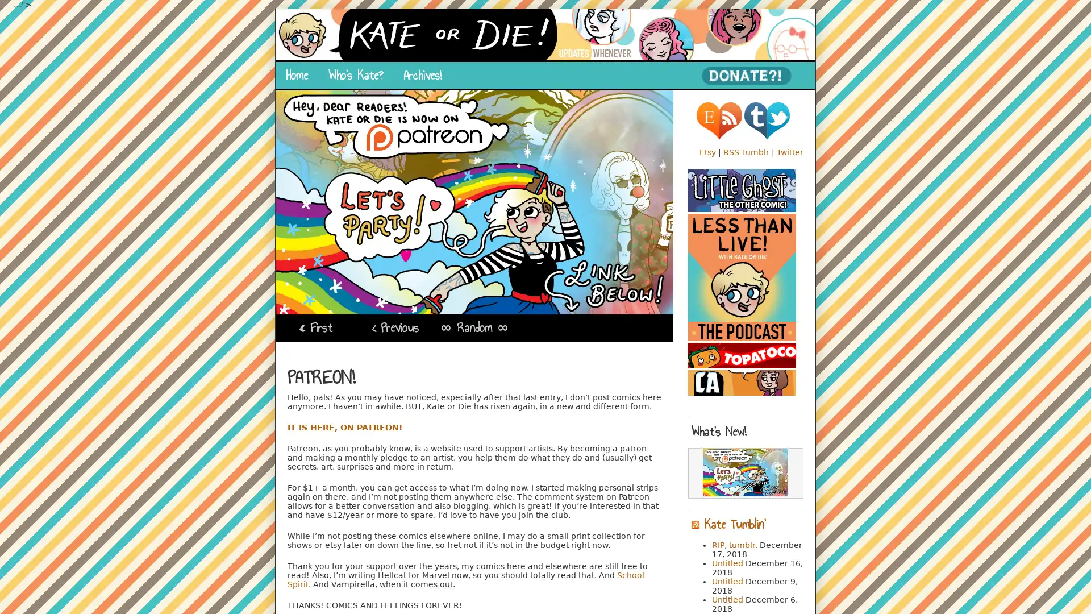 The height and width of the screenshot is (614, 1091). I want to click on PayPal - The safer, easier way to pay online!, so click(746, 76).